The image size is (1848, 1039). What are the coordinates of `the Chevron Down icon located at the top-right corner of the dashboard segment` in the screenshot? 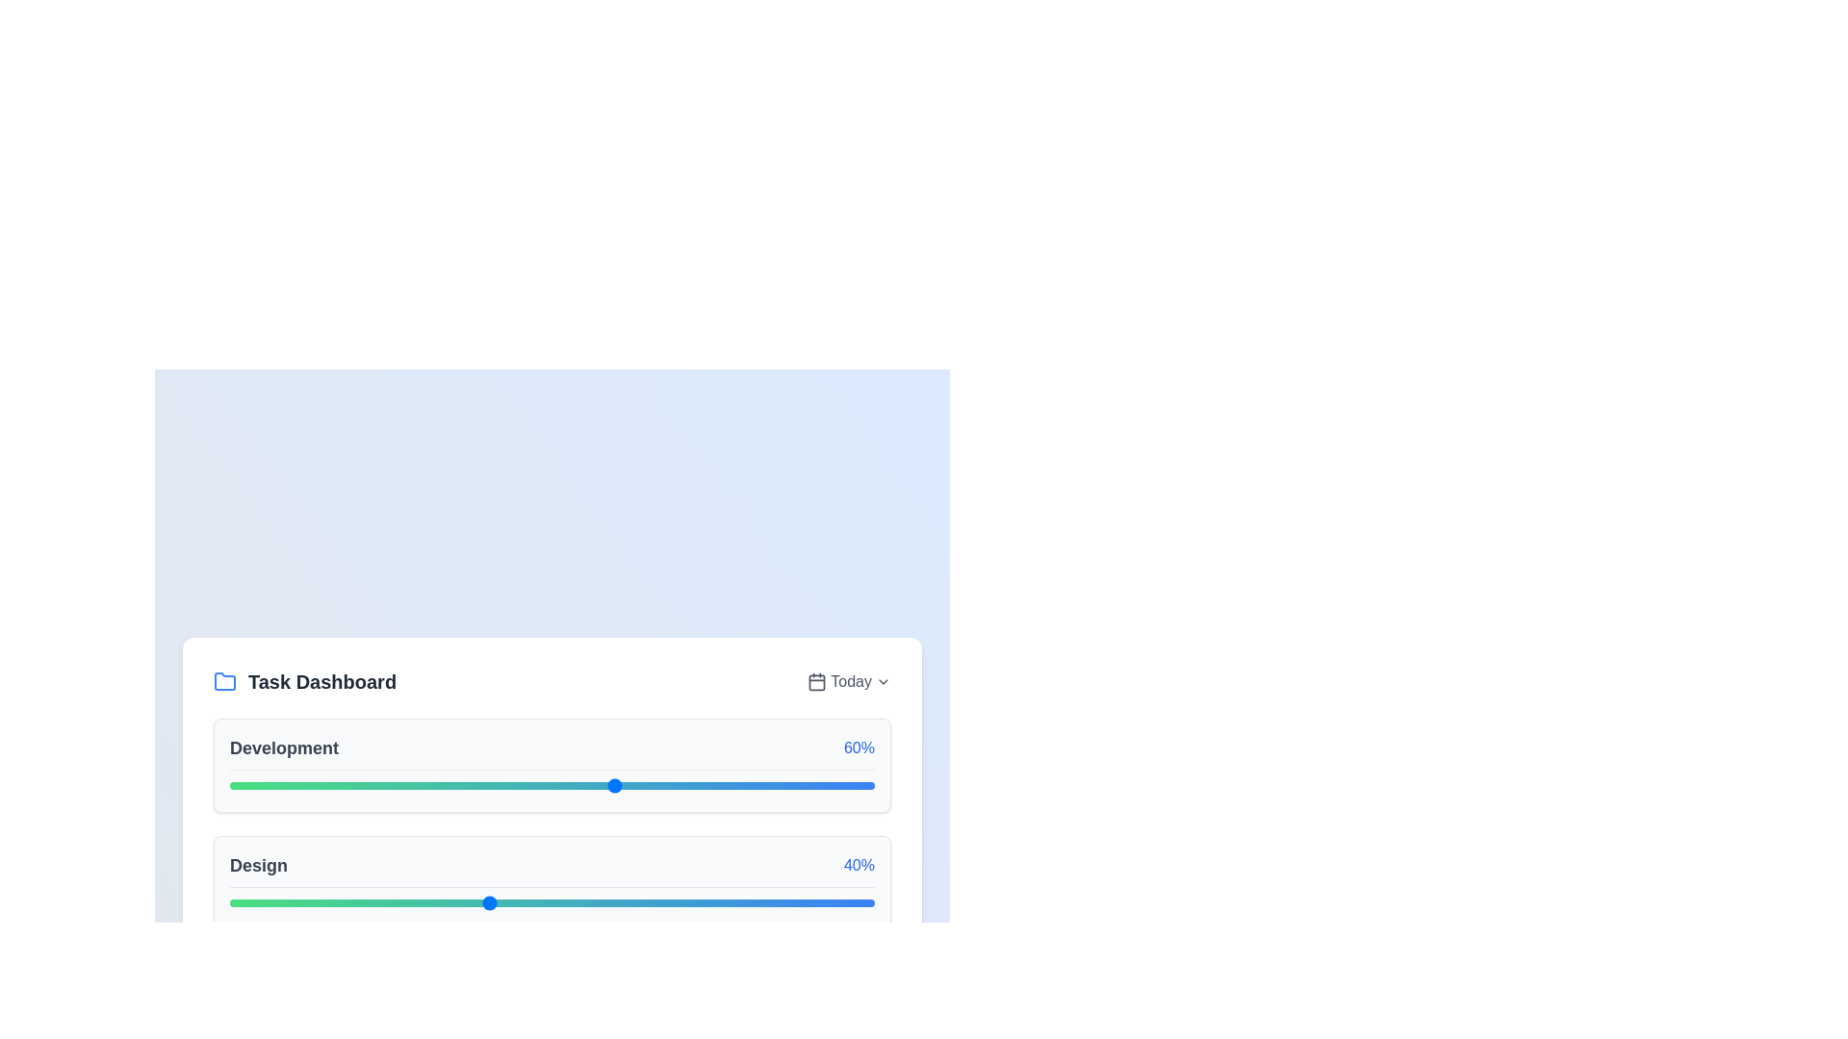 It's located at (882, 681).